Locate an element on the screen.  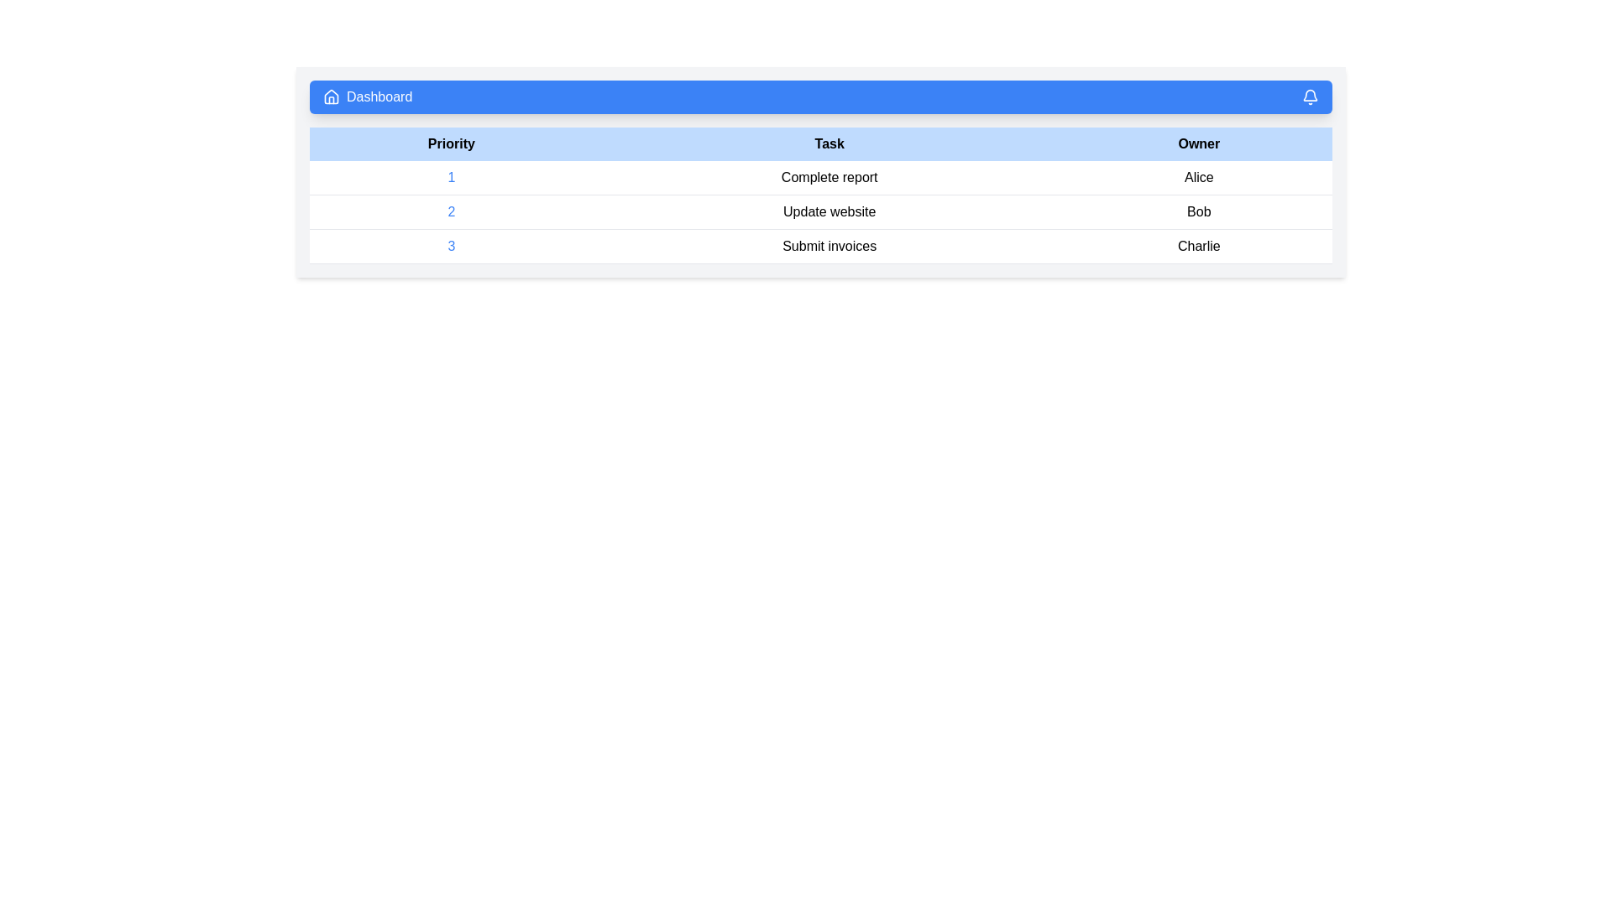
the text label 'Update website' located in the second row of the table under the 'Task' column, which is styled with padding and surrounded by white space is located at coordinates (830, 211).